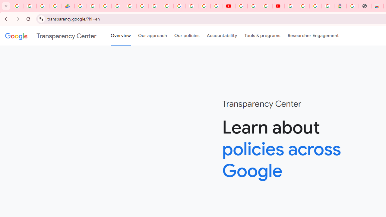 The height and width of the screenshot is (217, 386). Describe the element at coordinates (28, 18) in the screenshot. I see `'Reload'` at that location.